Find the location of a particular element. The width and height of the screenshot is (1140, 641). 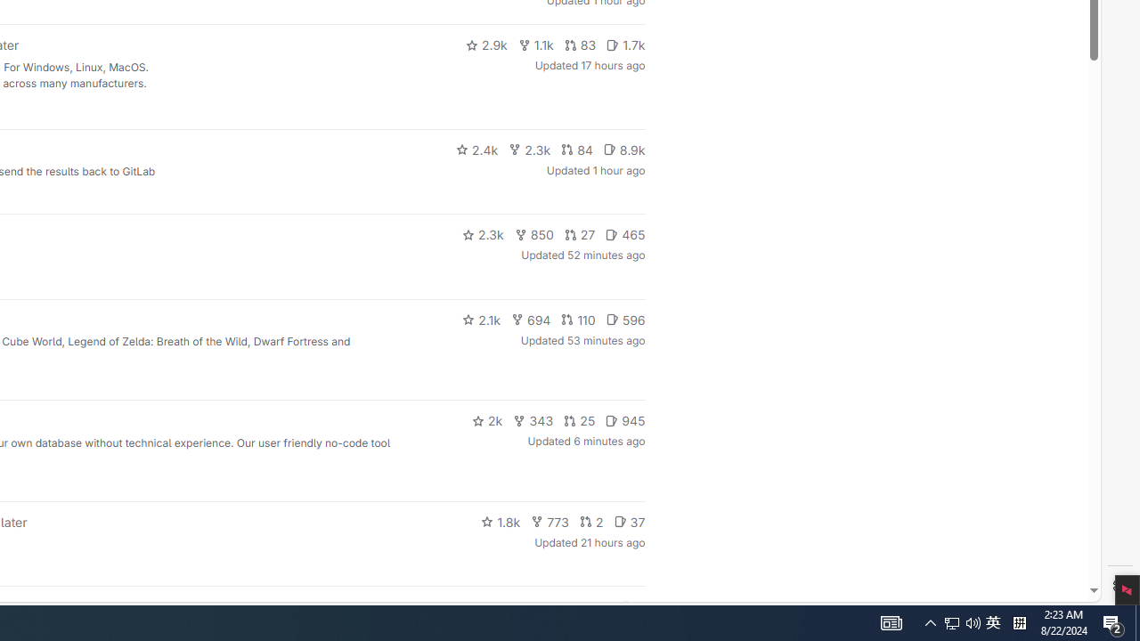

'1.8k' is located at coordinates (500, 521).